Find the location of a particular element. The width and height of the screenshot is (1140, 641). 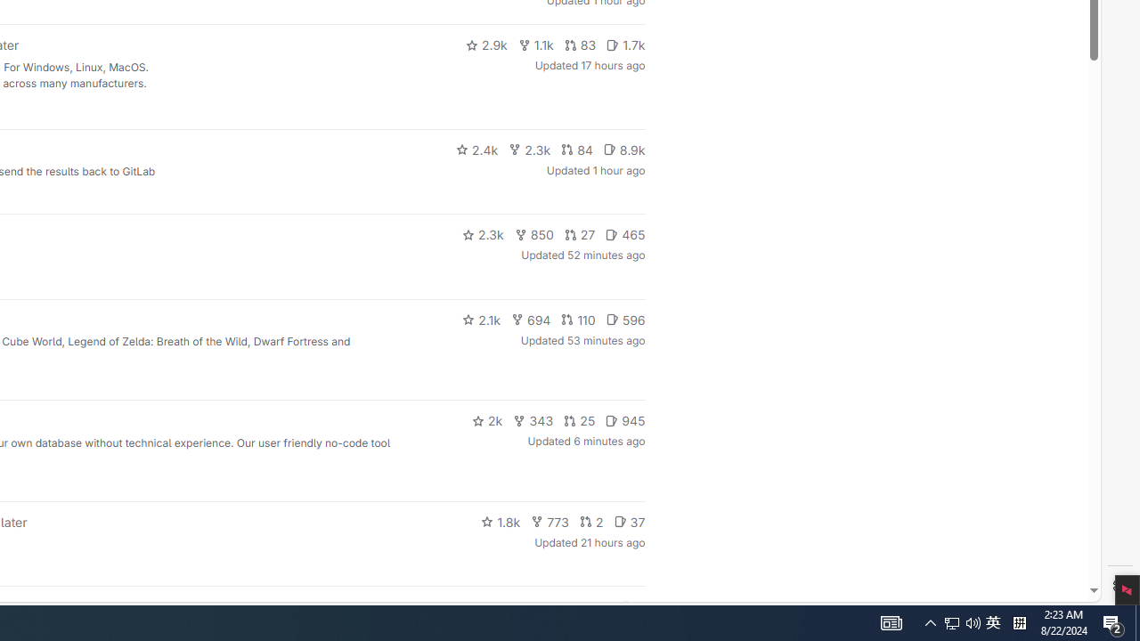

'1.8k' is located at coordinates (500, 521).